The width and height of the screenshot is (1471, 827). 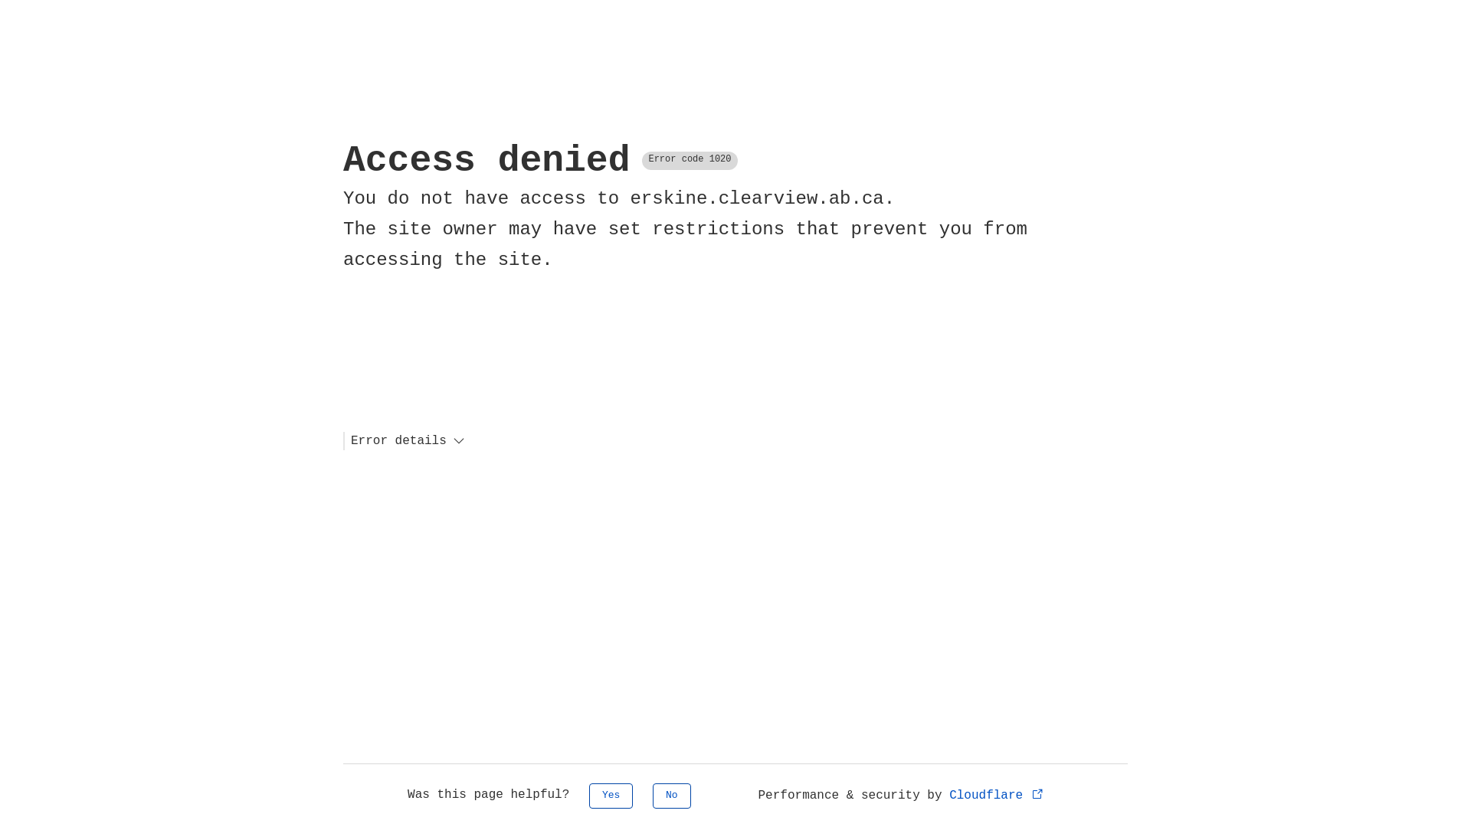 What do you see at coordinates (610, 795) in the screenshot?
I see `'Yes'` at bounding box center [610, 795].